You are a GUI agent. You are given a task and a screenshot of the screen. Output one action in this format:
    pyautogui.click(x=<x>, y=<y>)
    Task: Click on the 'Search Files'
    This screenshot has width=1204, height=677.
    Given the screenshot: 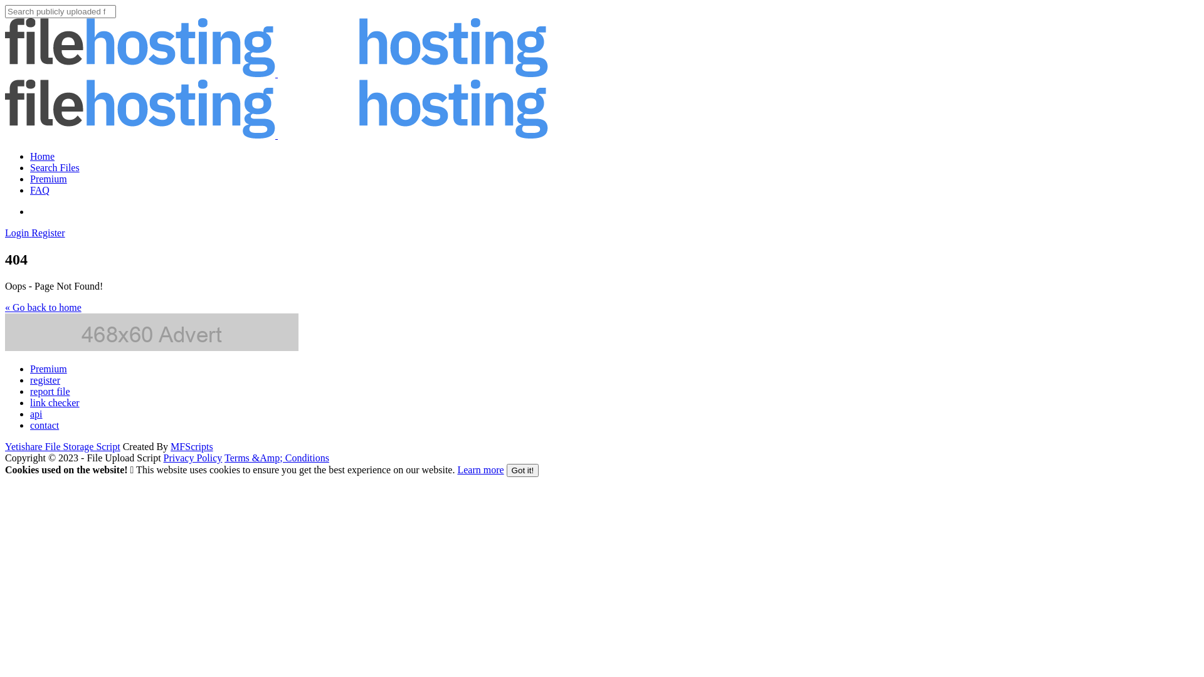 What is the action you would take?
    pyautogui.click(x=30, y=167)
    